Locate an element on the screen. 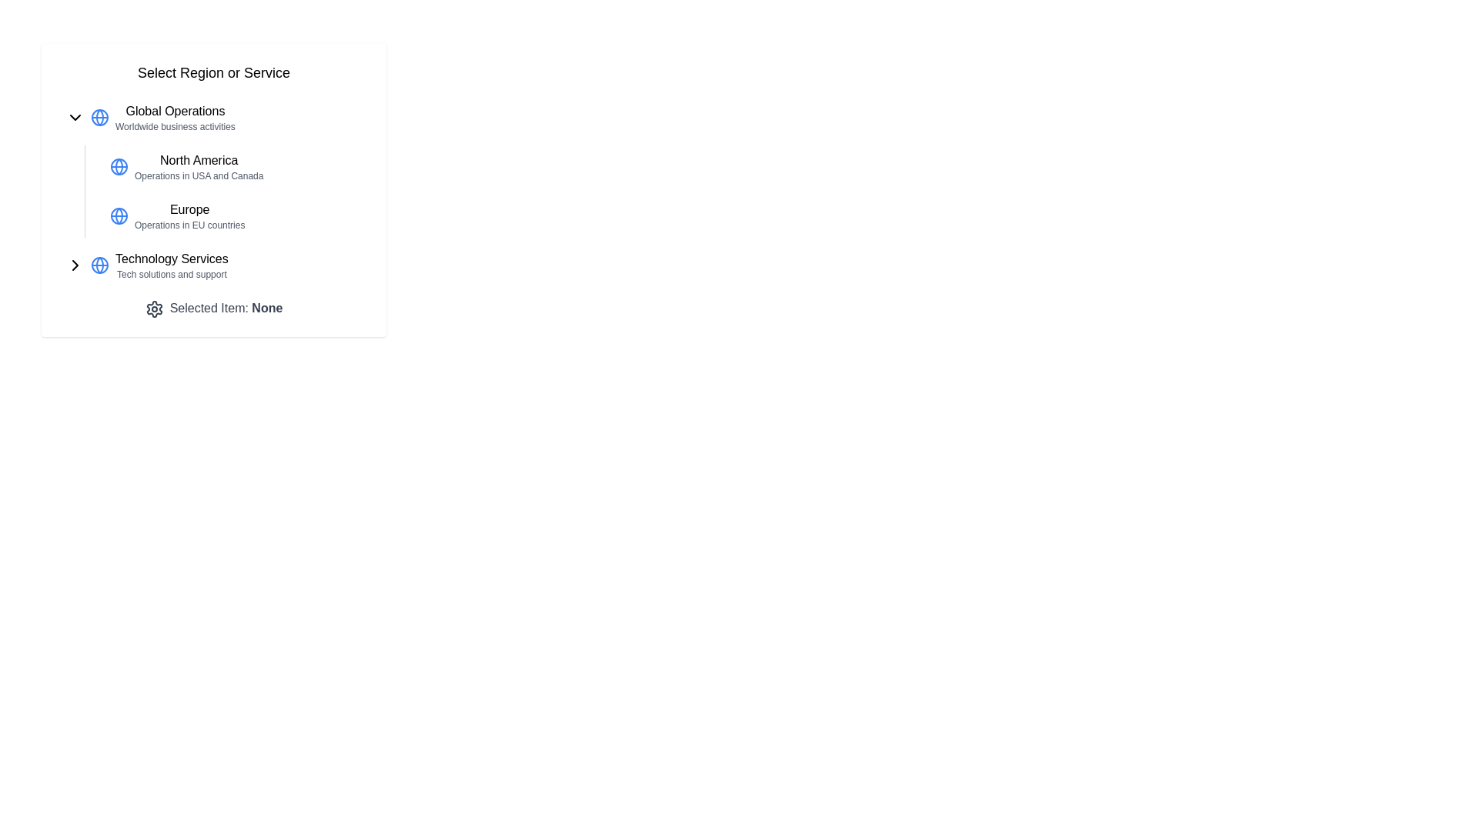 This screenshot has width=1478, height=831. the 'North America' selectable list item is located at coordinates (232, 166).